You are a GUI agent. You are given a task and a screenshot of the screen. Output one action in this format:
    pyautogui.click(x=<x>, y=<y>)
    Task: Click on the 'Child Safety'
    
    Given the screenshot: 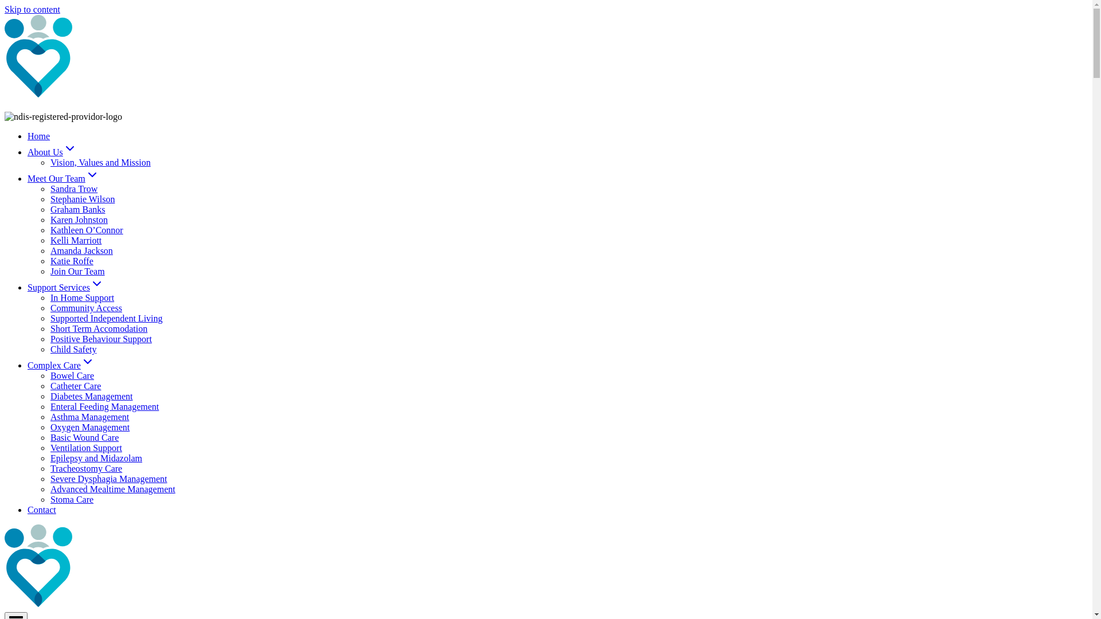 What is the action you would take?
    pyautogui.click(x=73, y=348)
    